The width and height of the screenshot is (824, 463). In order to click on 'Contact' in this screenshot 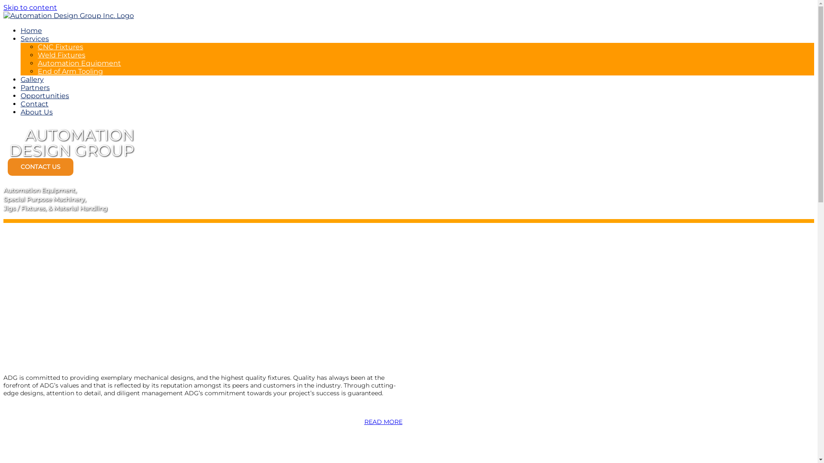, I will do `click(34, 103)`.